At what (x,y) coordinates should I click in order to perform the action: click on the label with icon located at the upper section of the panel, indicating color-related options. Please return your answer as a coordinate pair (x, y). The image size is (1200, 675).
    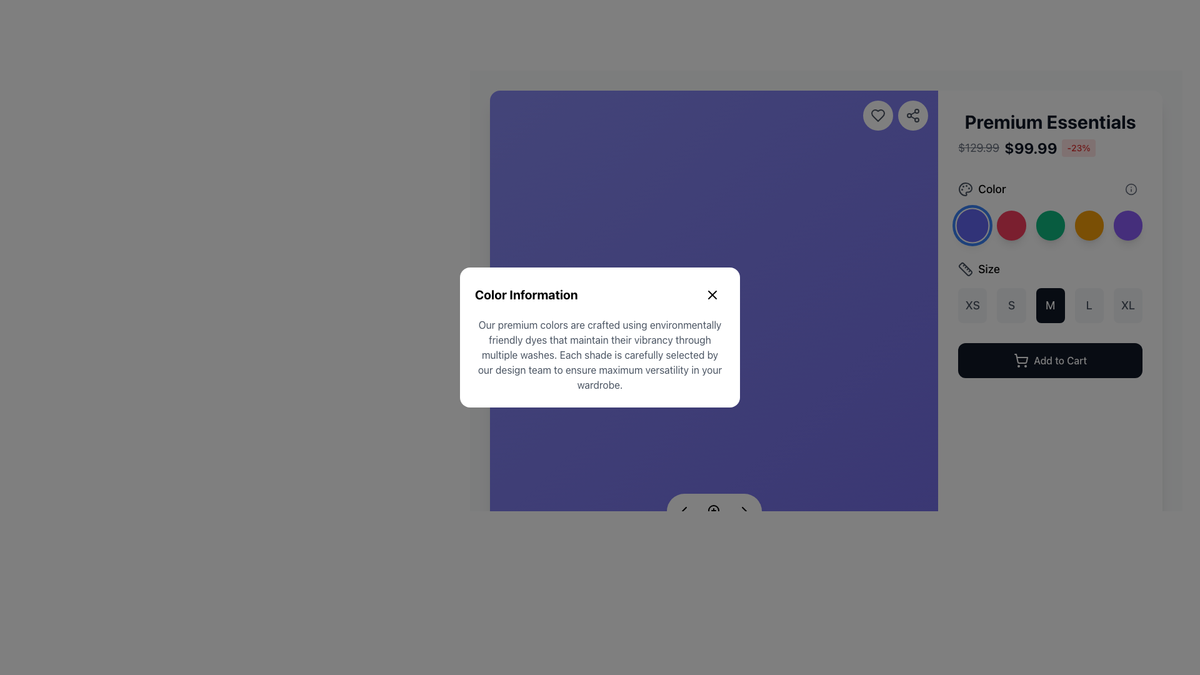
    Looking at the image, I should click on (981, 189).